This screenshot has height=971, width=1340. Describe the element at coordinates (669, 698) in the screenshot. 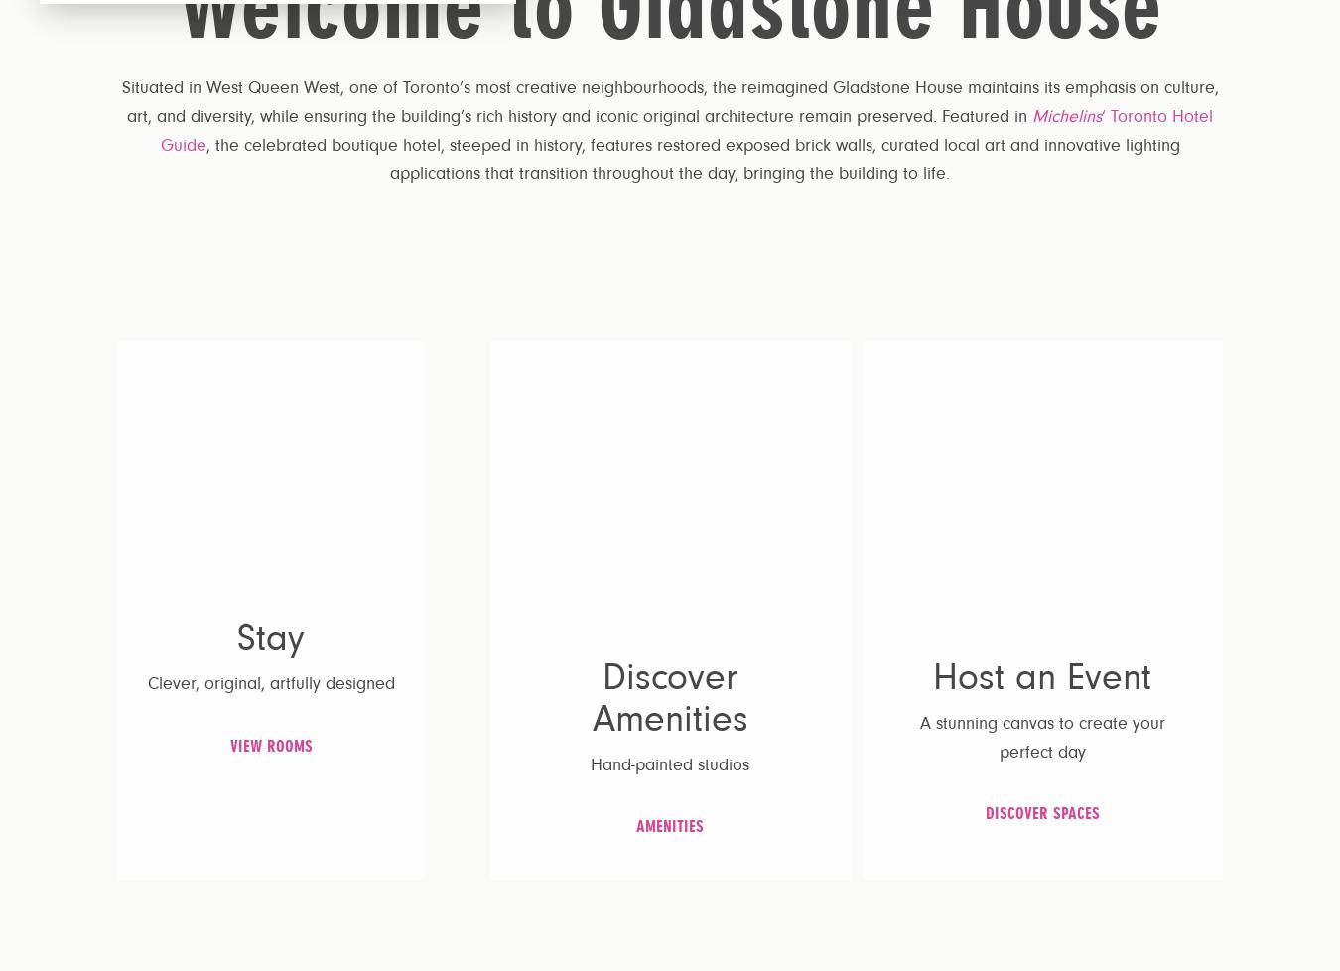

I see `'Discover Amenities'` at that location.